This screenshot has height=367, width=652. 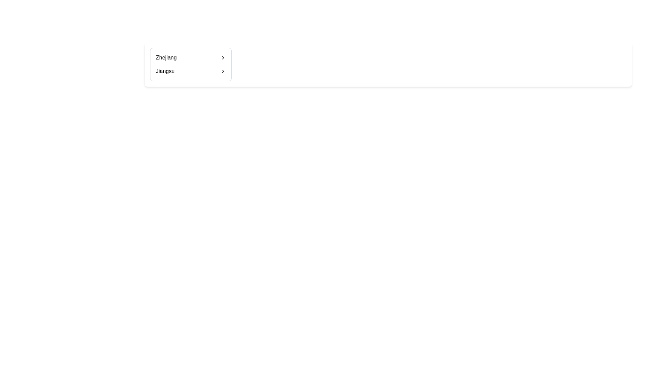 I want to click on the first list item labeled 'Zhejiang' to activate its visual feedback, which includes a background color change, so click(x=190, y=57).